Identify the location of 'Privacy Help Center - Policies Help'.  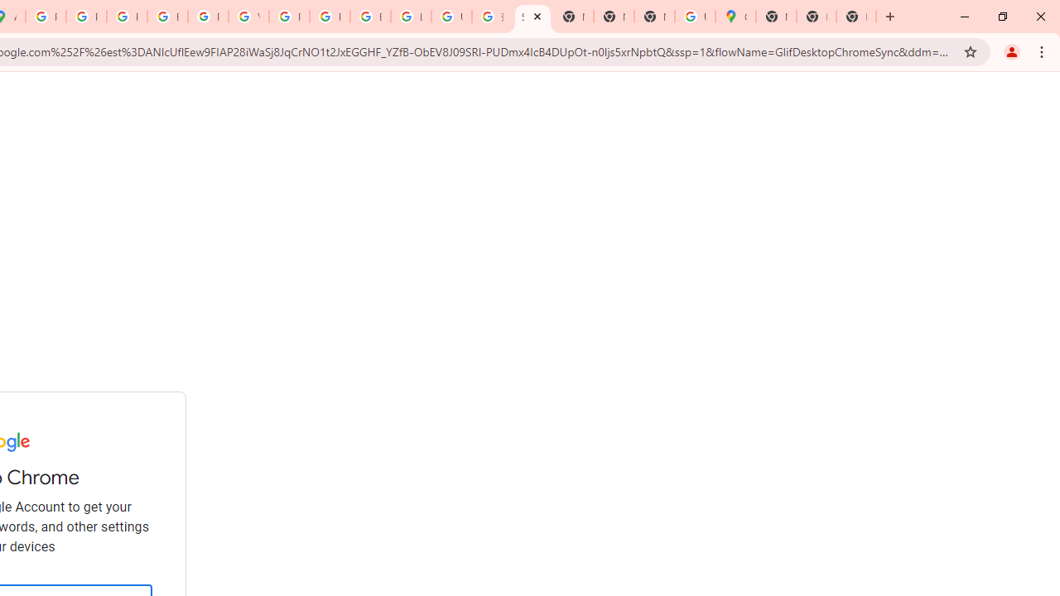
(126, 17).